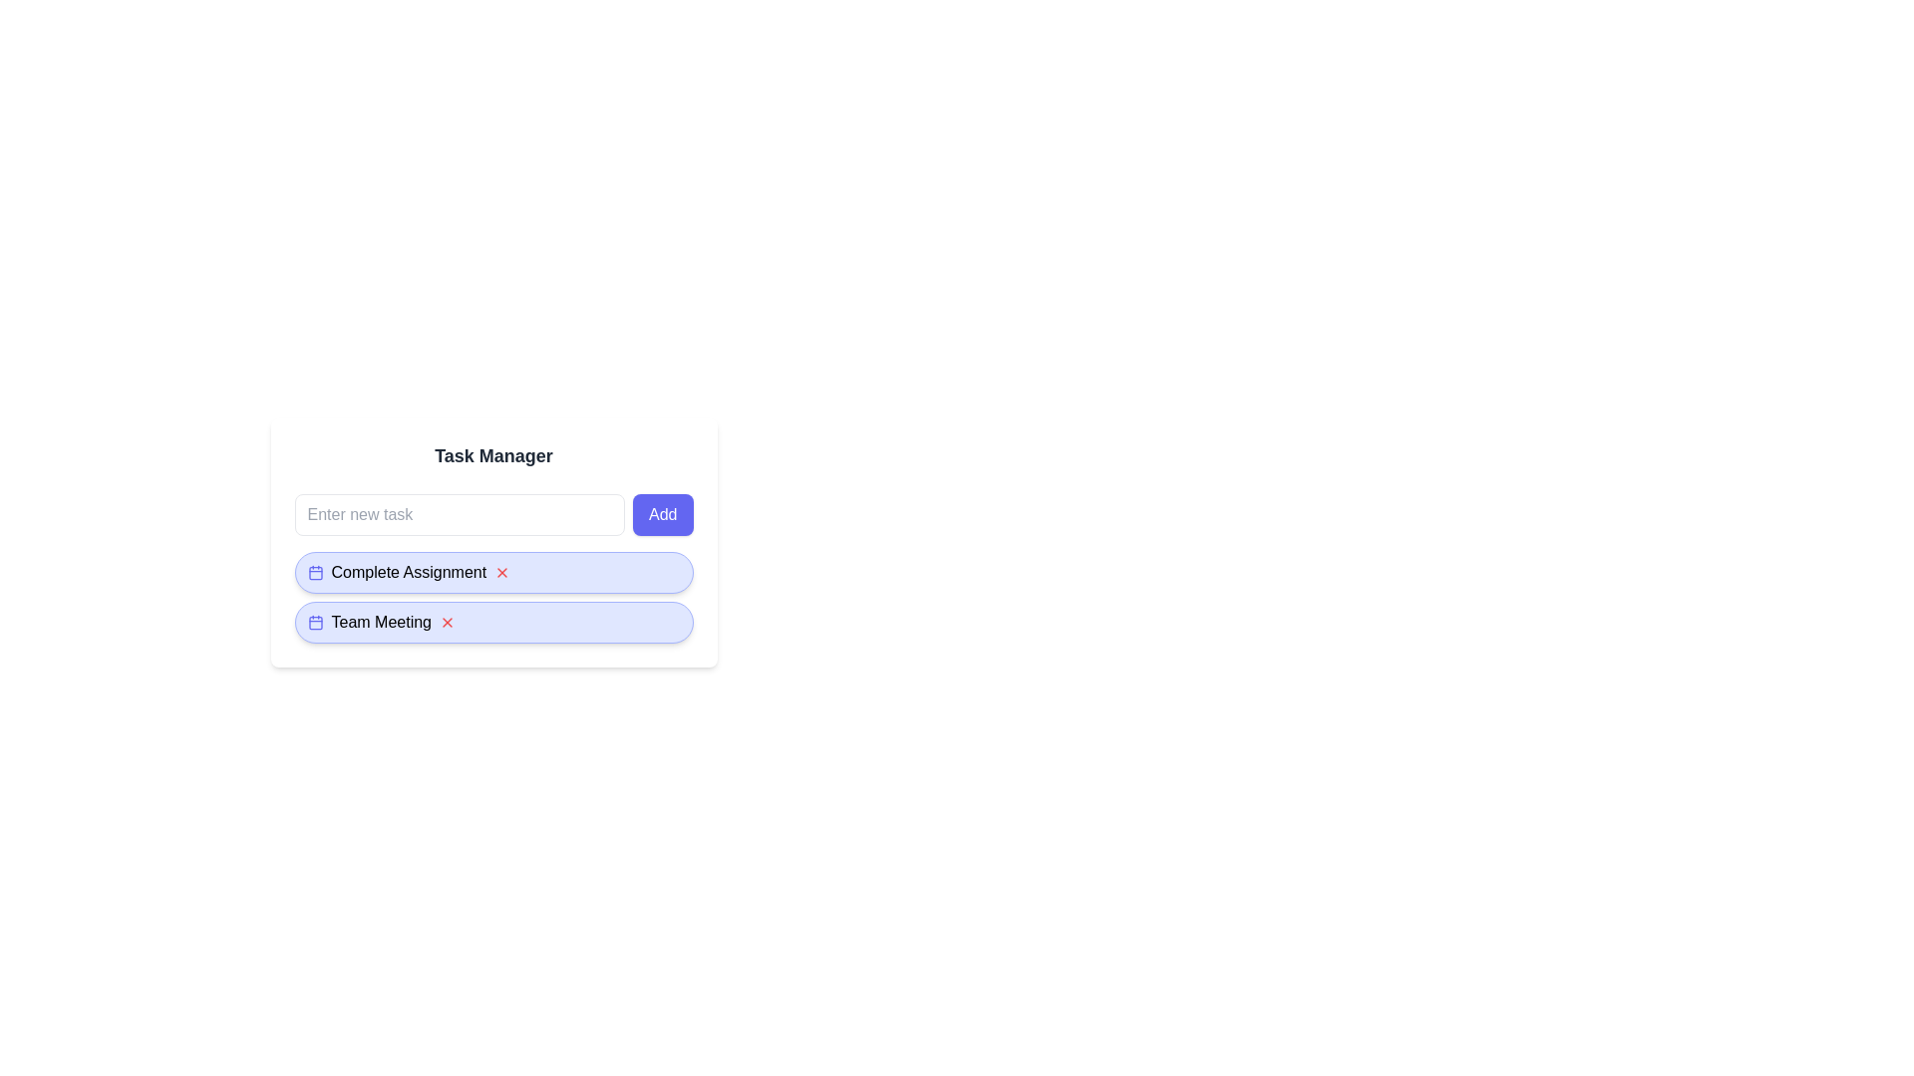  I want to click on the 'Add' button to add a new task, so click(663, 513).